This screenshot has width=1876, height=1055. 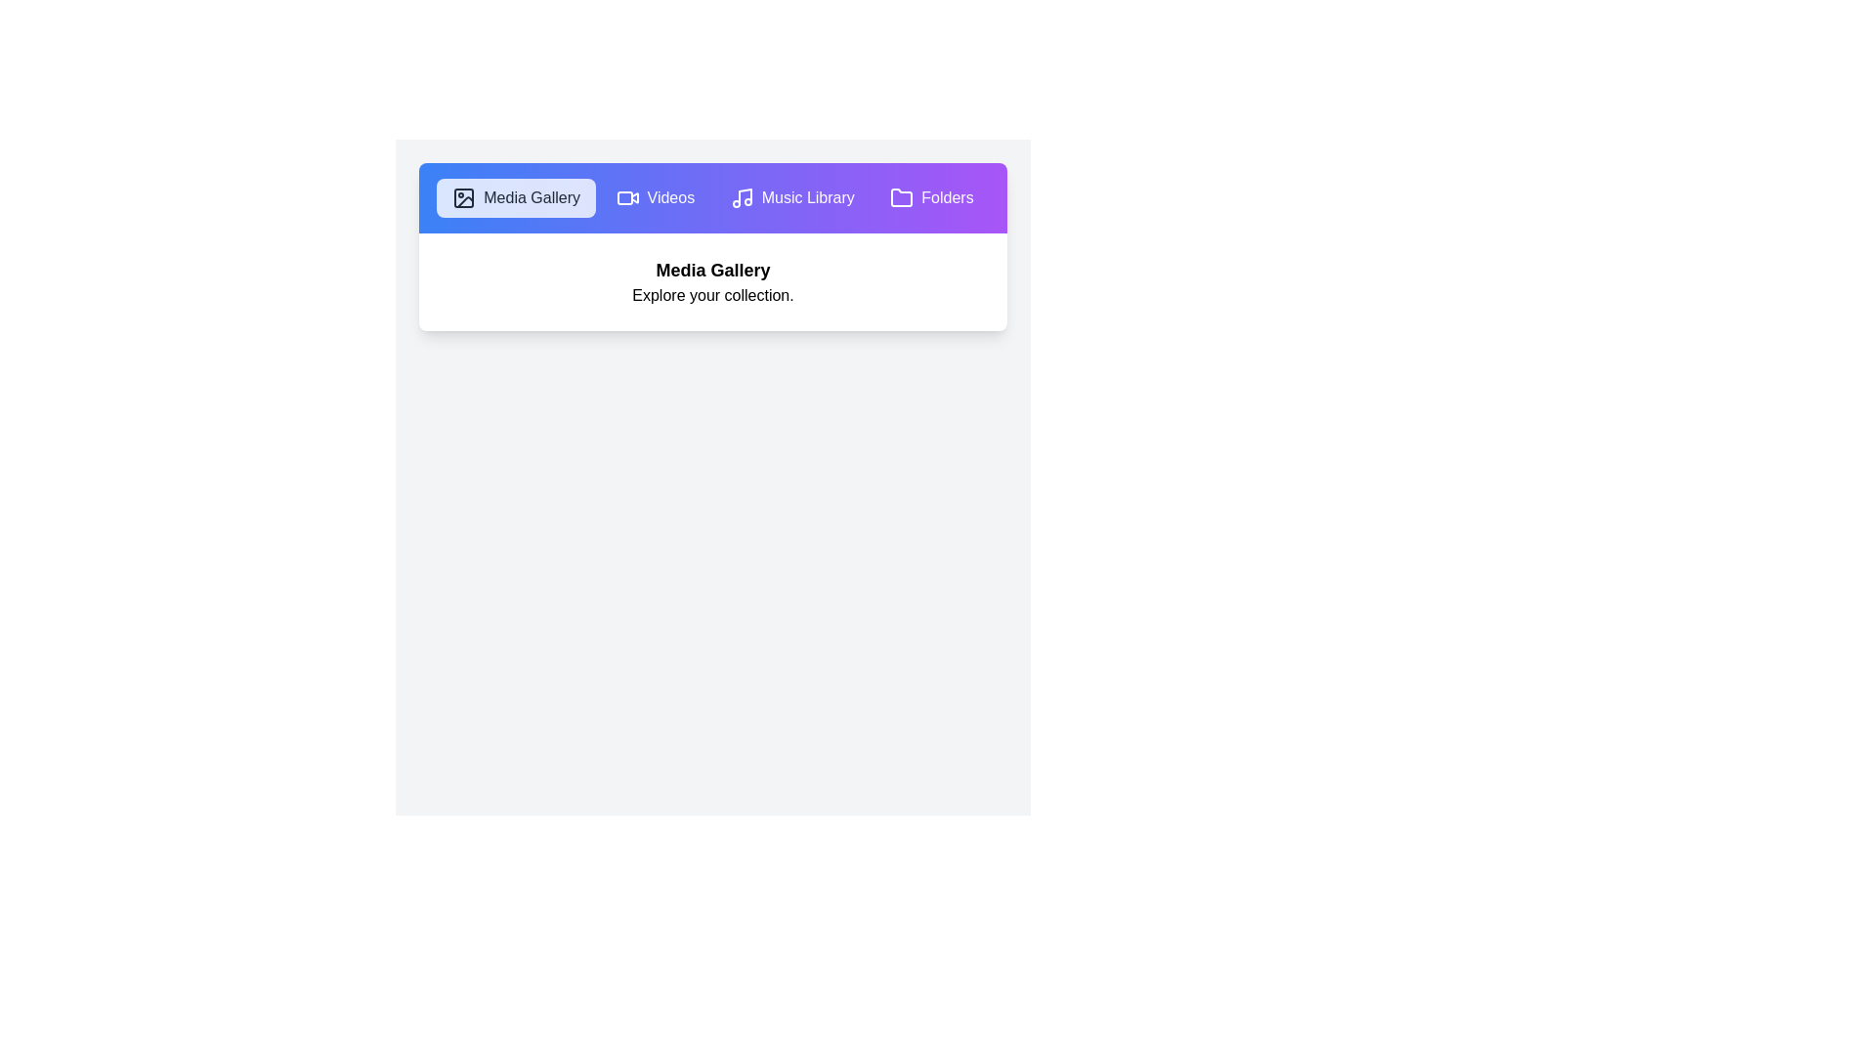 I want to click on the decorative SVG graphical element that indicates the 'Media Gallery' option in the navigation bar, located to the left of the 'Media Gallery' text label, so click(x=464, y=202).